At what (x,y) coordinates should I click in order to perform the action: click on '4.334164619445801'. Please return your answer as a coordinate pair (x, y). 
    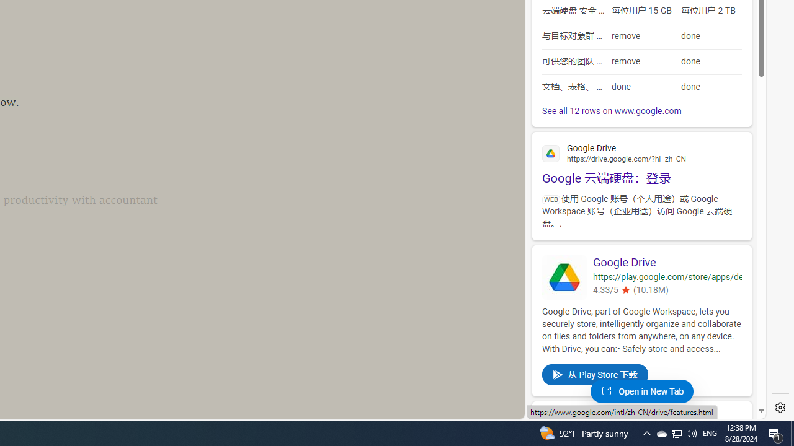
    Looking at the image, I should click on (625, 291).